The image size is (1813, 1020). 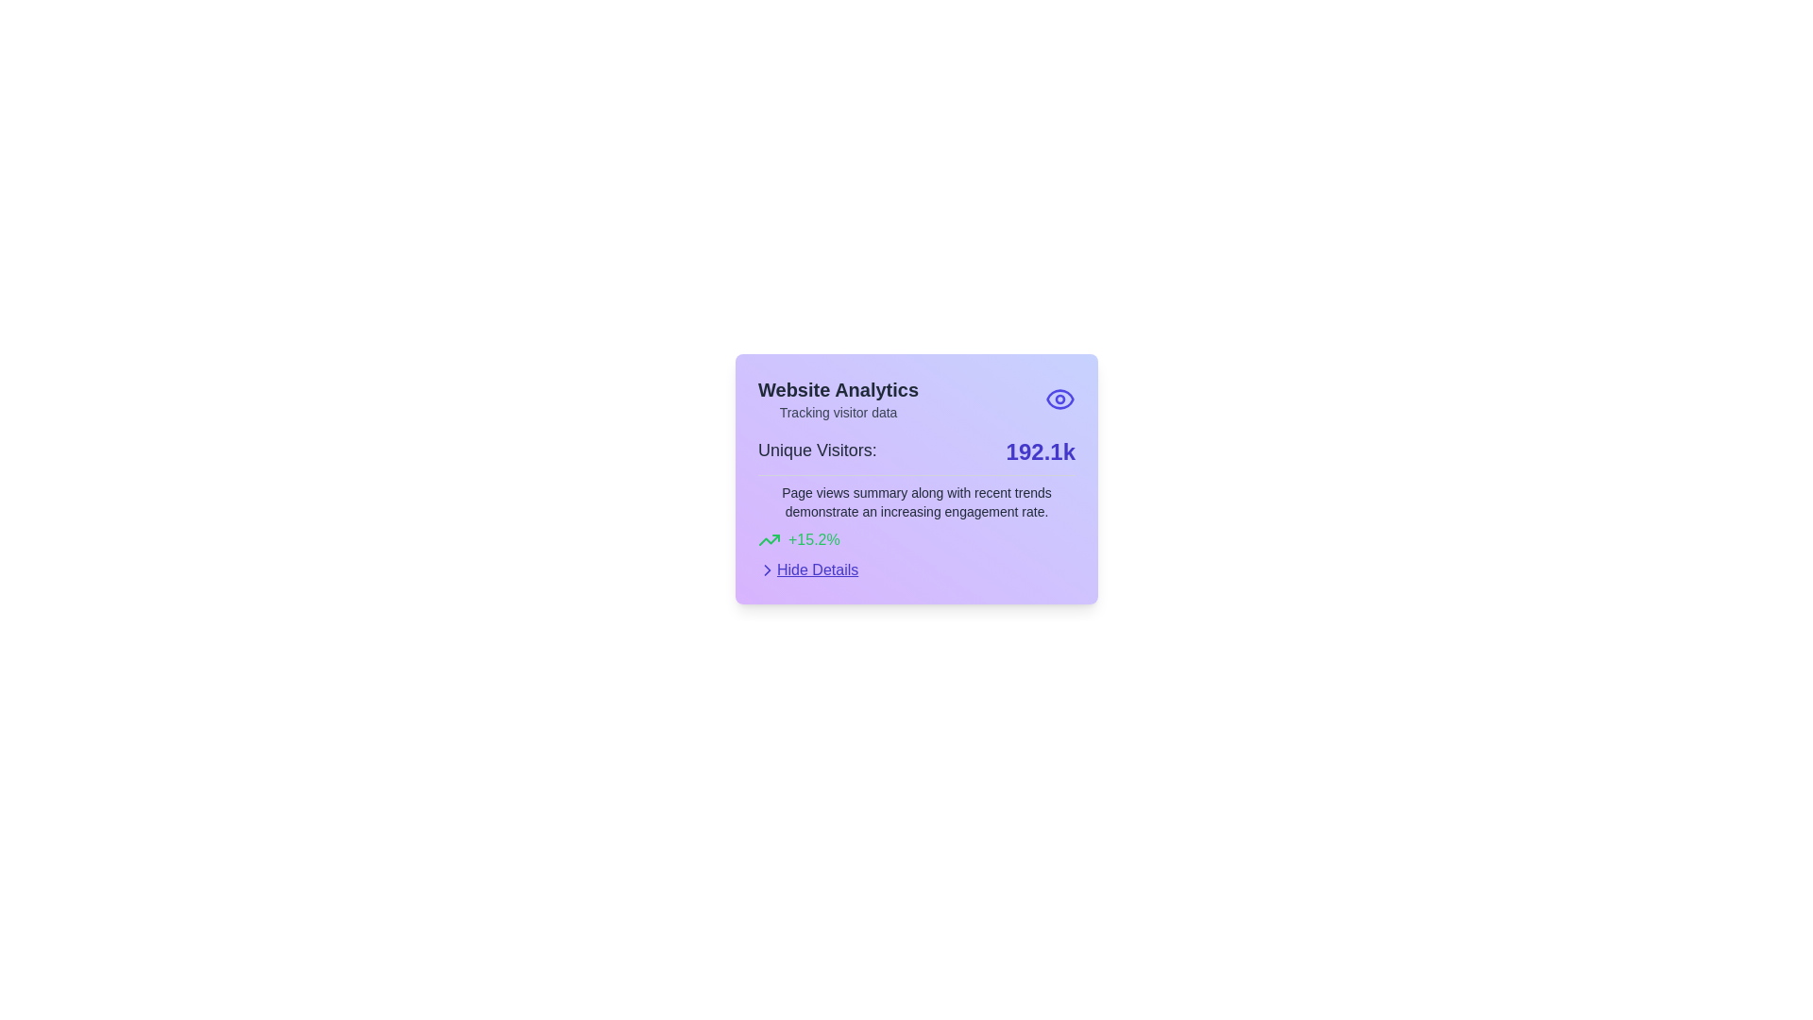 What do you see at coordinates (838, 411) in the screenshot?
I see `the text label providing additional context to the main heading 'Website Analytics', located directly below the larger header and aligned to the left` at bounding box center [838, 411].